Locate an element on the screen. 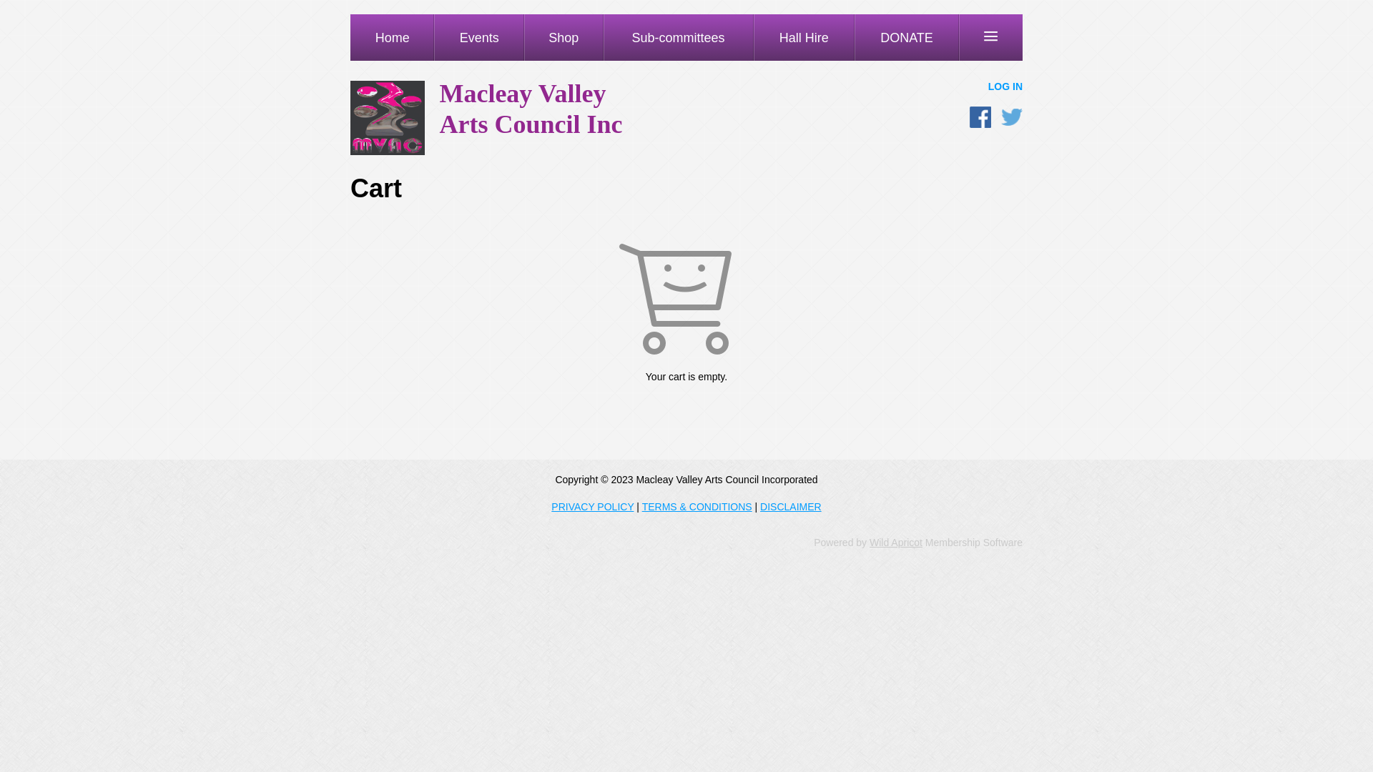 The image size is (1373, 772). 'Home' is located at coordinates (392, 36).